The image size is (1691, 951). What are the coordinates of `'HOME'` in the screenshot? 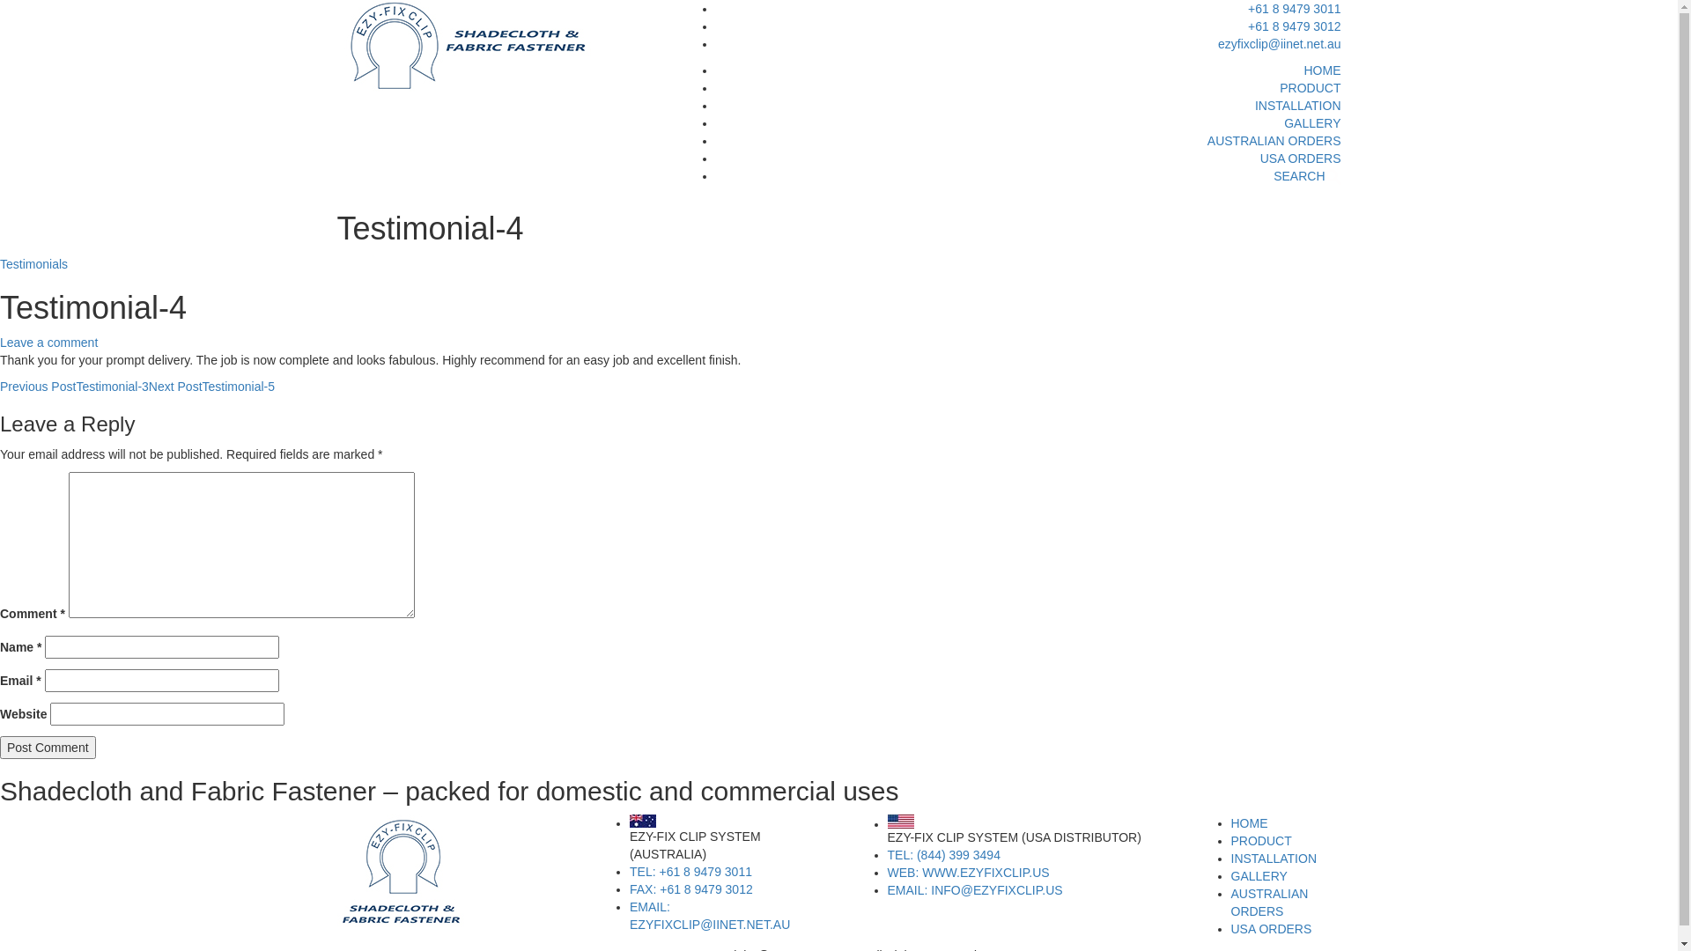 It's located at (1322, 70).